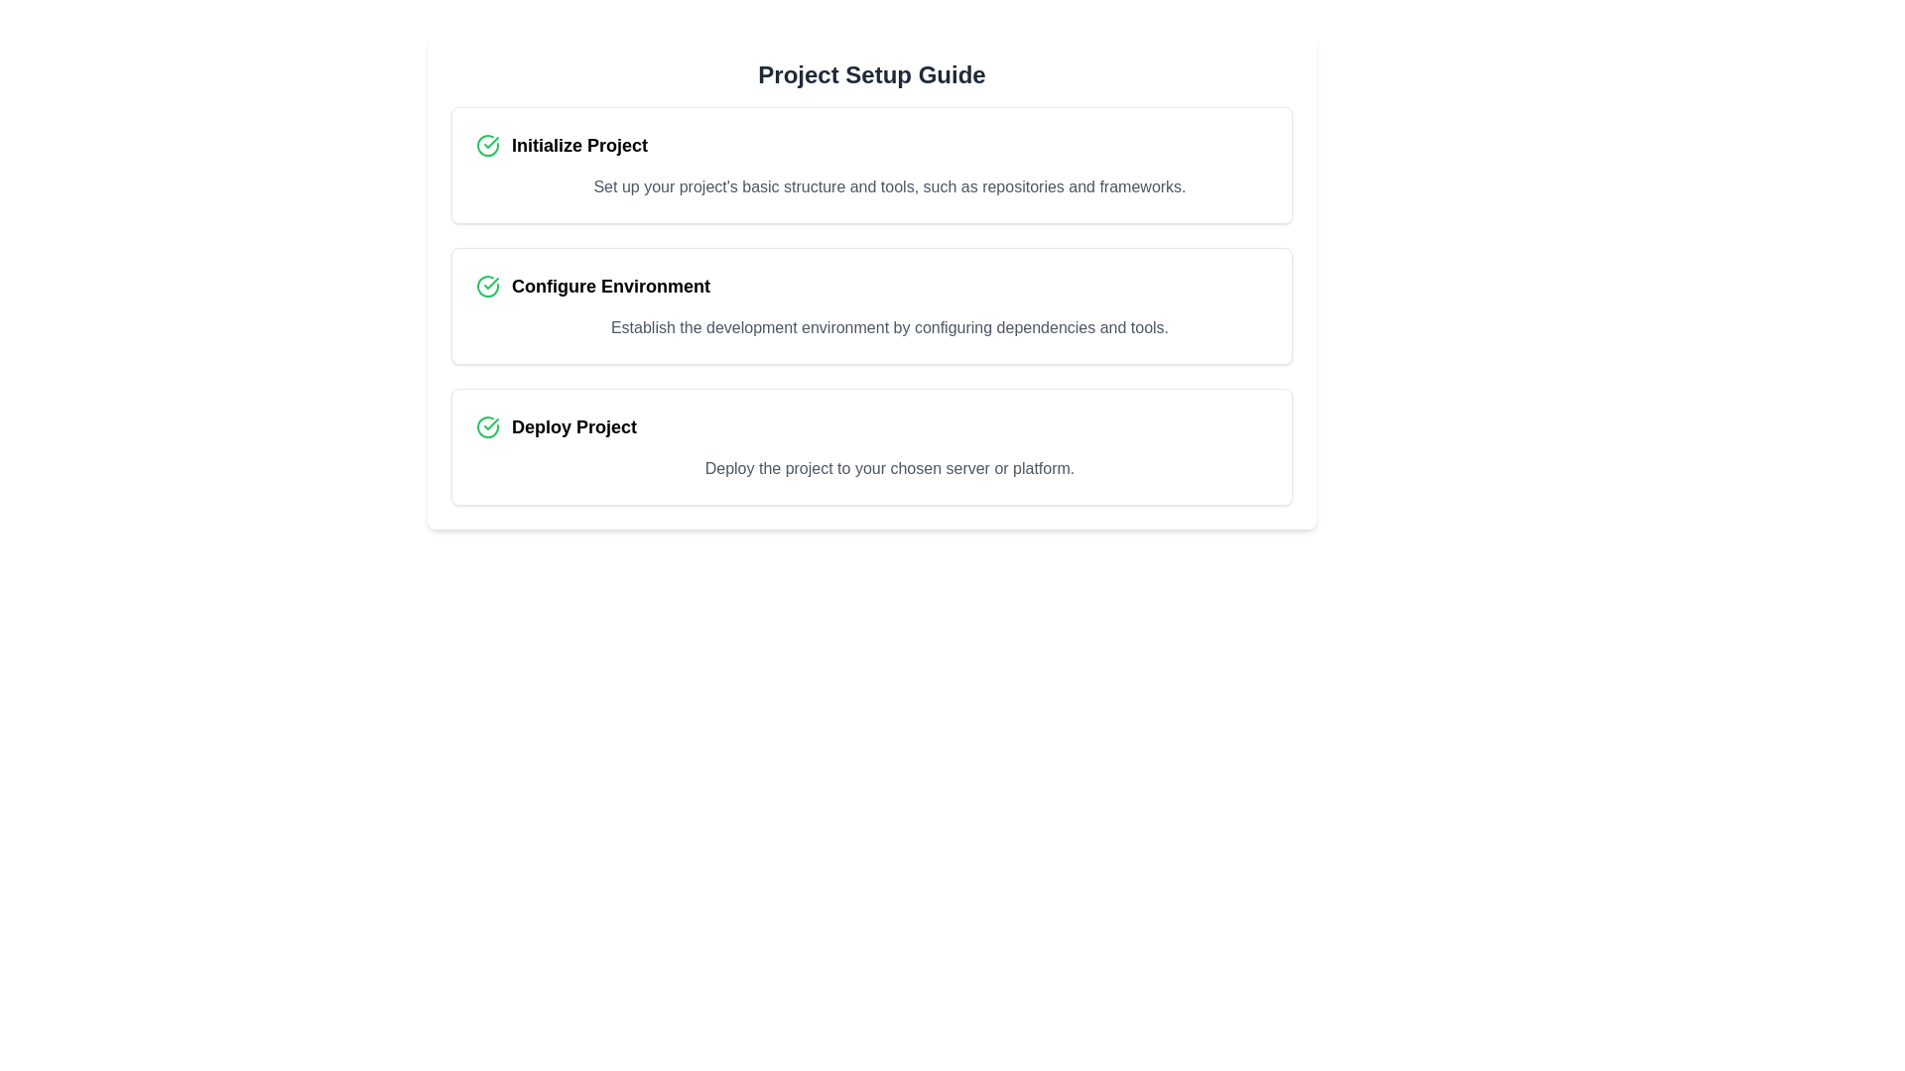 The image size is (1905, 1071). What do you see at coordinates (487, 144) in the screenshot?
I see `the green checkmark icon with a circular border, located to the left of the text 'Initialize Project'` at bounding box center [487, 144].